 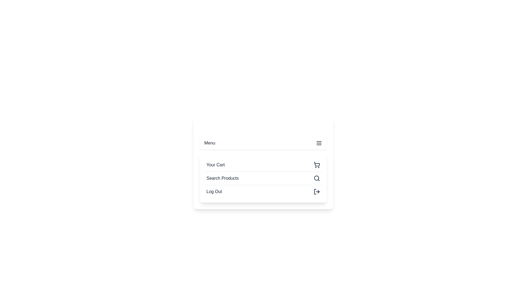 What do you see at coordinates (317, 191) in the screenshot?
I see `the logout icon, which resembles an arrow pointing outwards from a rectangle, located to the far right of the 'Log Out' text` at bounding box center [317, 191].